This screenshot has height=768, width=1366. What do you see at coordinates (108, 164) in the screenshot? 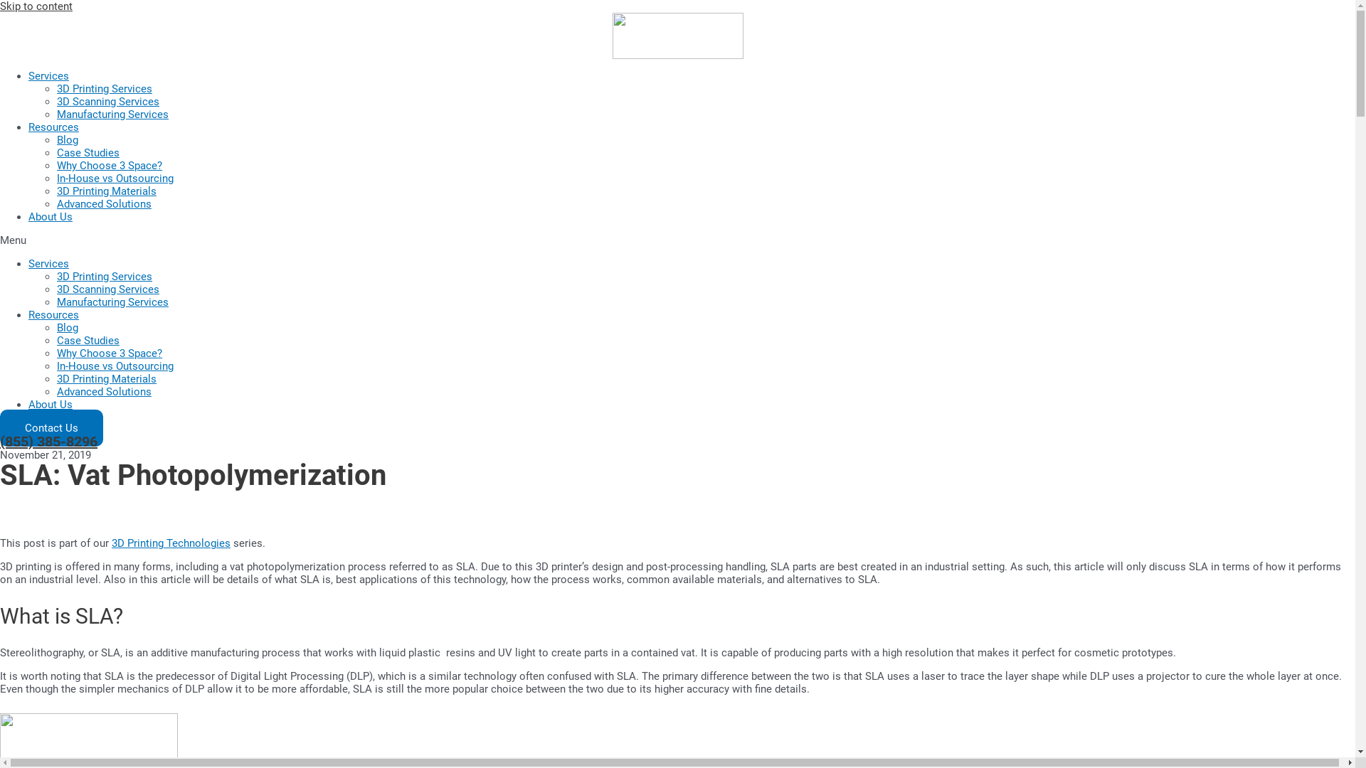
I see `'Why Choose 3 Space?'` at bounding box center [108, 164].